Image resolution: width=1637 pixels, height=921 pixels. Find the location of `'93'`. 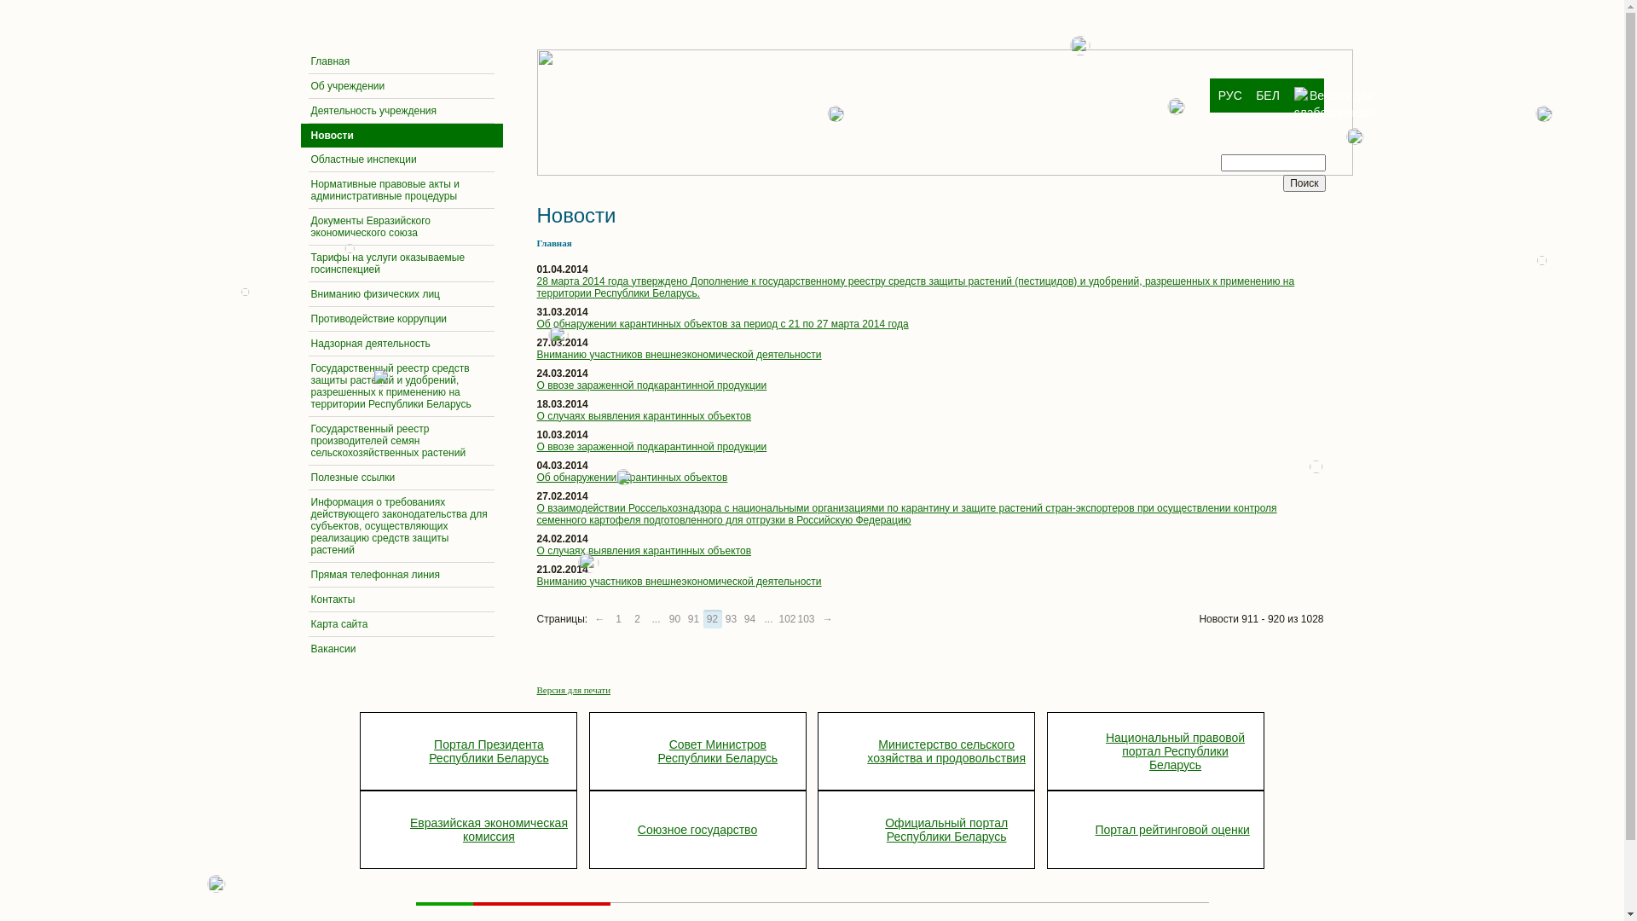

'93' is located at coordinates (732, 618).